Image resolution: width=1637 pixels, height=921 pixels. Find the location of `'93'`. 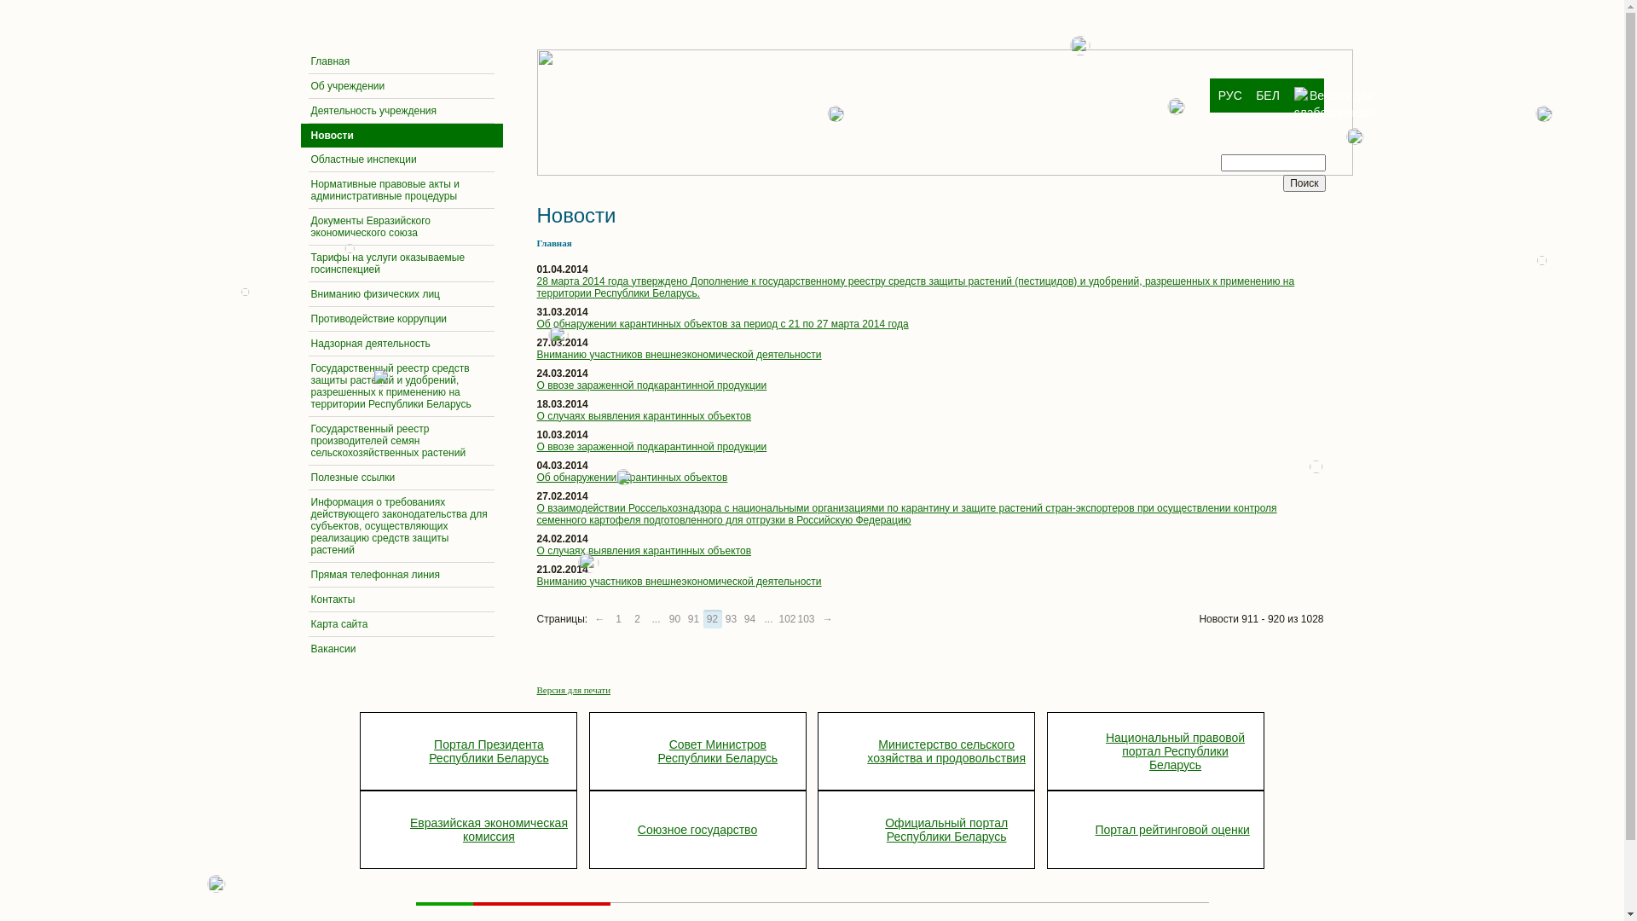

'93' is located at coordinates (732, 618).